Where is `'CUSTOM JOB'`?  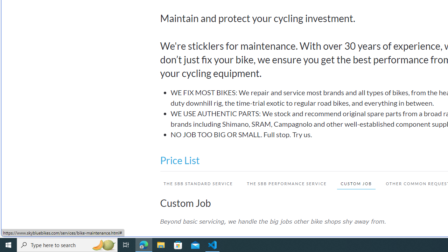 'CUSTOM JOB' is located at coordinates (353, 183).